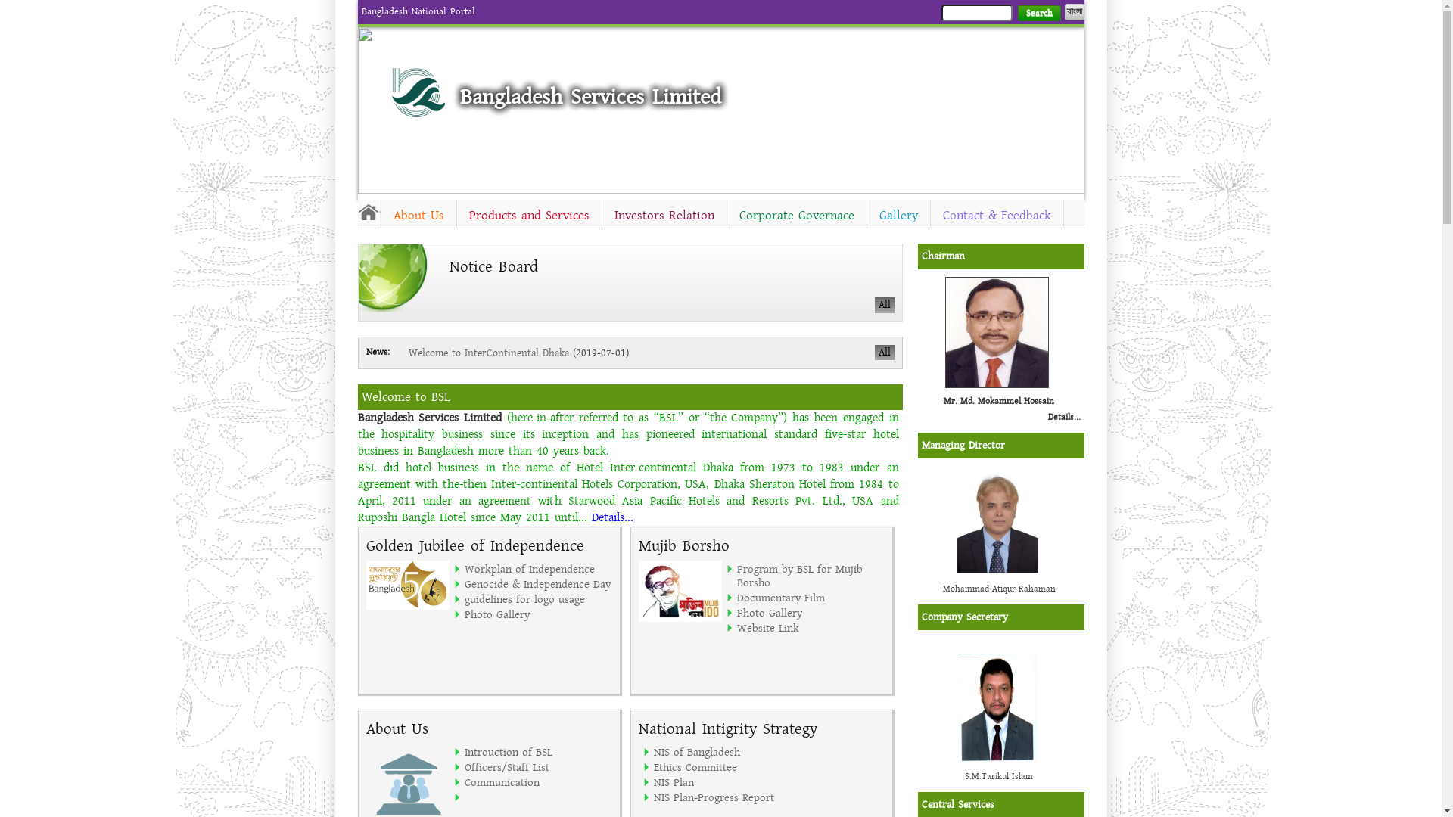 The width and height of the screenshot is (1453, 817). Describe the element at coordinates (612, 516) in the screenshot. I see `'Details...'` at that location.